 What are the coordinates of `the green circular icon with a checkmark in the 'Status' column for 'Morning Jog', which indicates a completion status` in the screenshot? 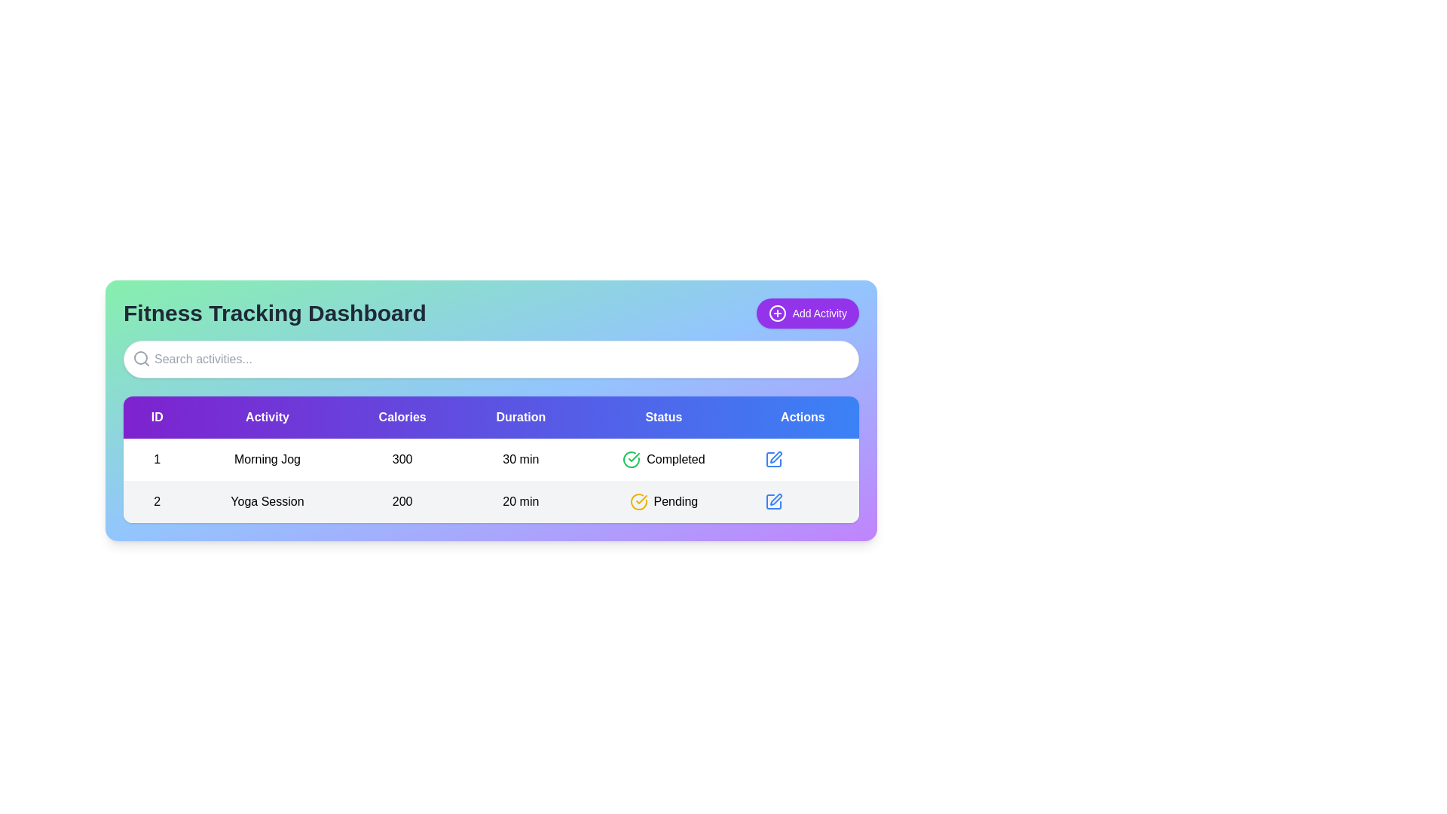 It's located at (632, 458).